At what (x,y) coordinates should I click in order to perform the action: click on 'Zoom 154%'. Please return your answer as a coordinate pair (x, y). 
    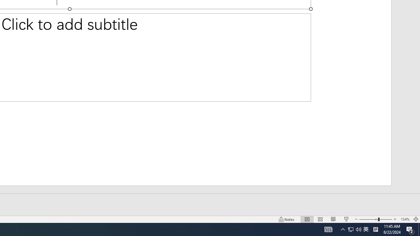
    Looking at the image, I should click on (405, 219).